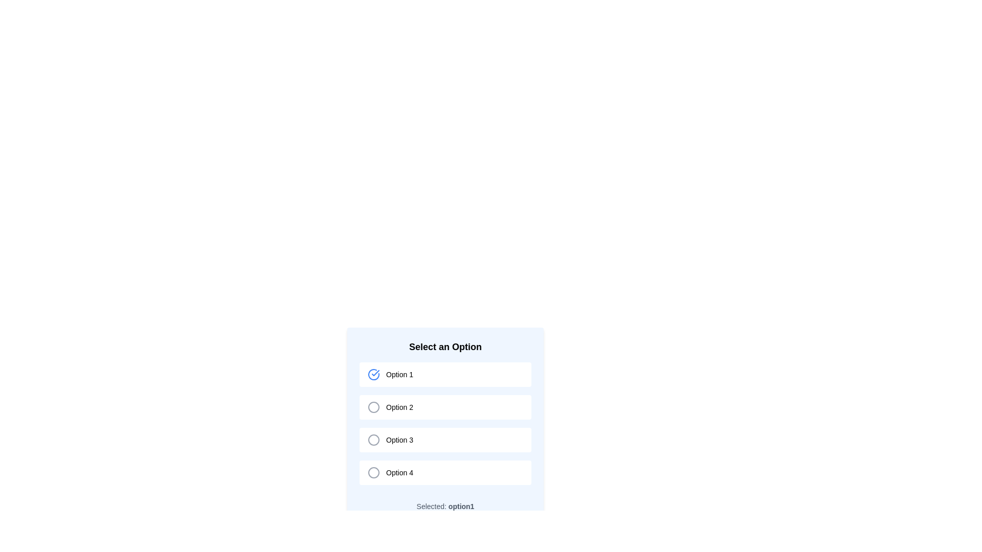 The image size is (982, 552). What do you see at coordinates (445, 374) in the screenshot?
I see `the first selectable option in the vertical list` at bounding box center [445, 374].